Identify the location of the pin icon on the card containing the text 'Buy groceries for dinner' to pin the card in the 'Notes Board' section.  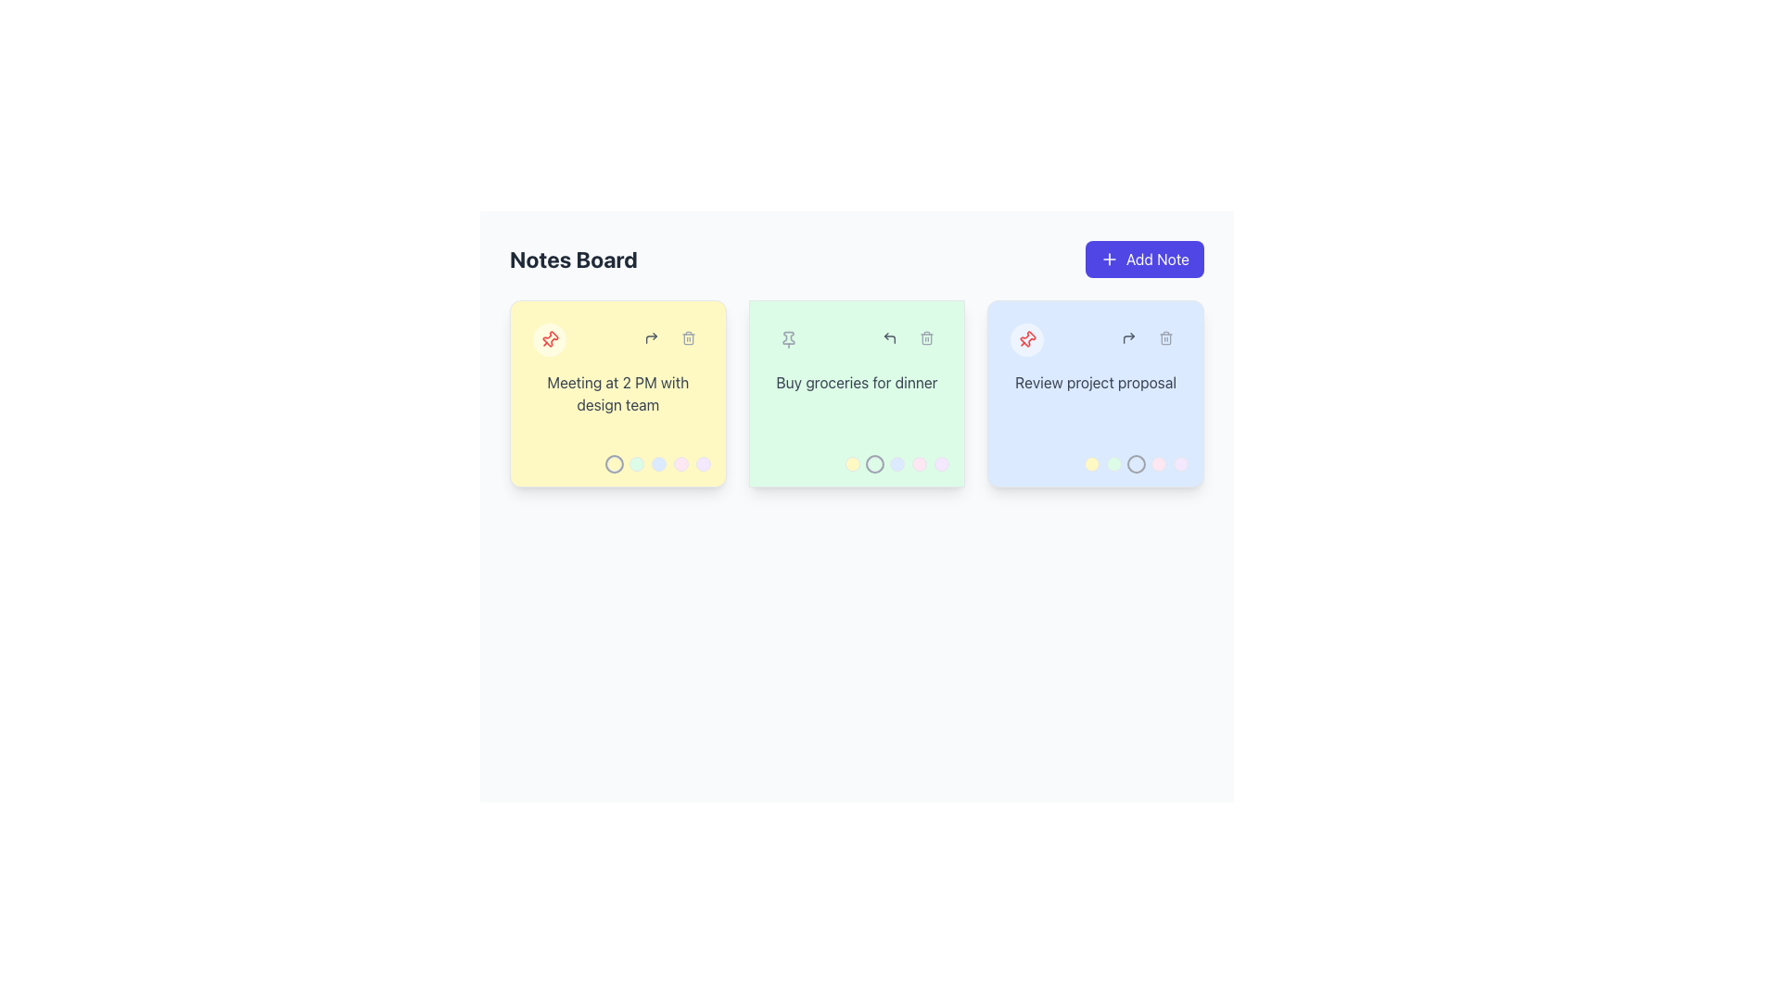
(856, 392).